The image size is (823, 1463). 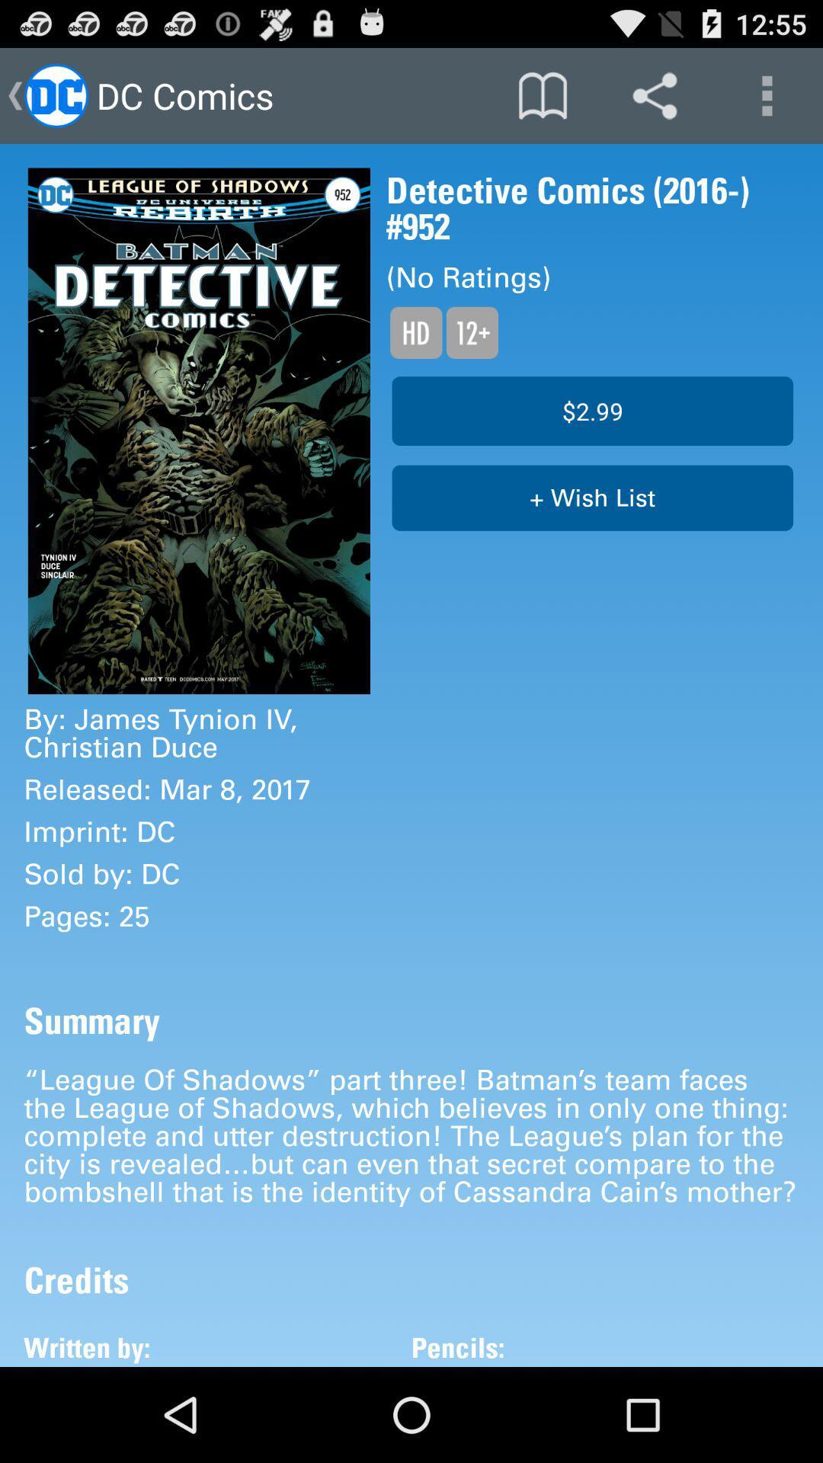 What do you see at coordinates (592, 411) in the screenshot?
I see `the option which is above  wish list` at bounding box center [592, 411].